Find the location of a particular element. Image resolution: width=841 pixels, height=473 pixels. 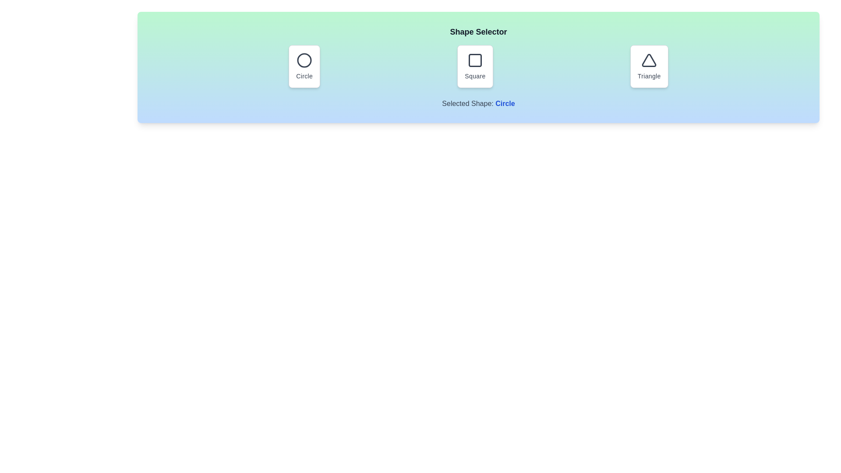

the shape circle by clicking its corresponding button is located at coordinates (304, 66).